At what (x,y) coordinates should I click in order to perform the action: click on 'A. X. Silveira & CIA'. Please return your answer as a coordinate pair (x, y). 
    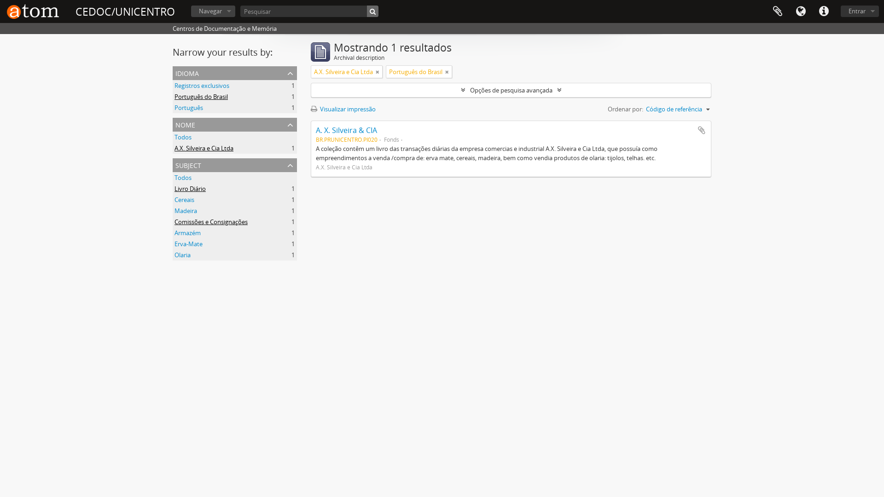
    Looking at the image, I should click on (346, 130).